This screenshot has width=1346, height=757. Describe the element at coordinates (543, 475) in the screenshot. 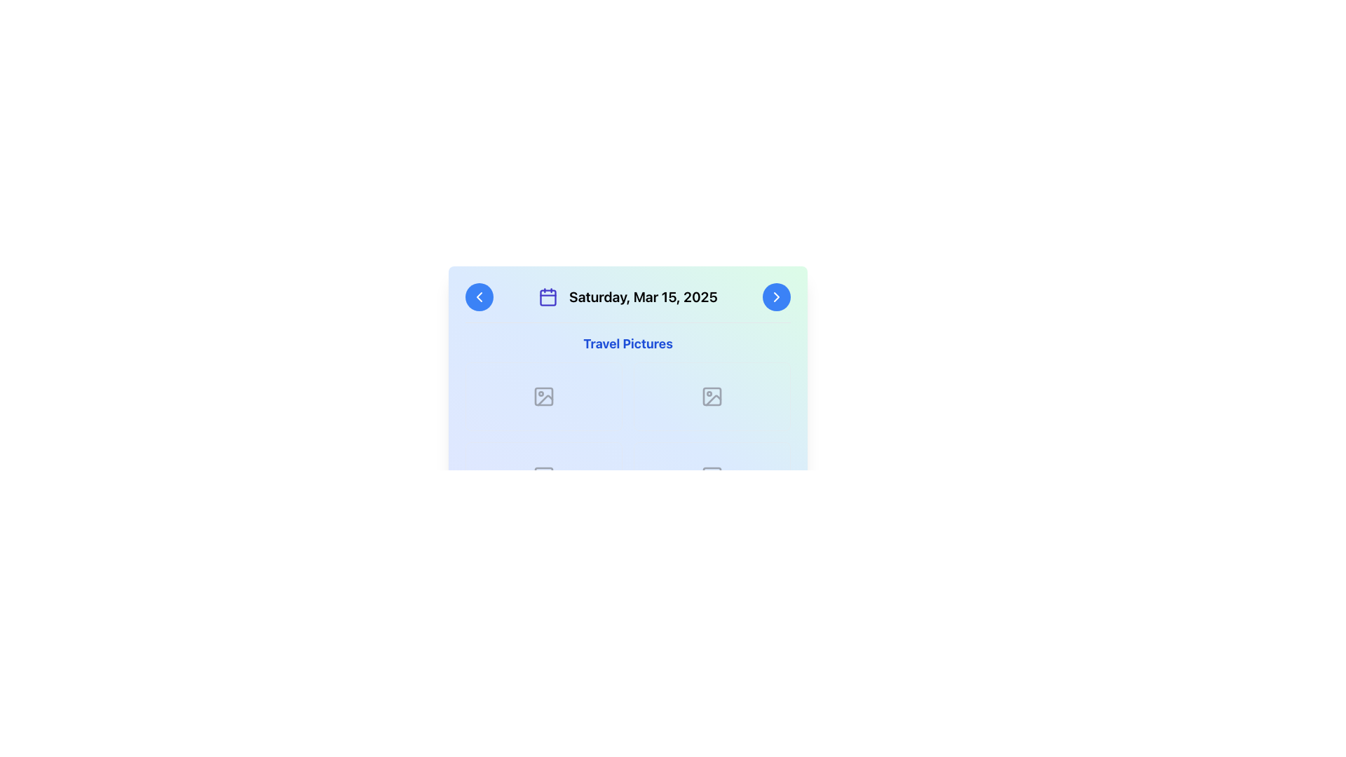

I see `the image placeholder icon located at the bottom-center of the grid layout` at that location.